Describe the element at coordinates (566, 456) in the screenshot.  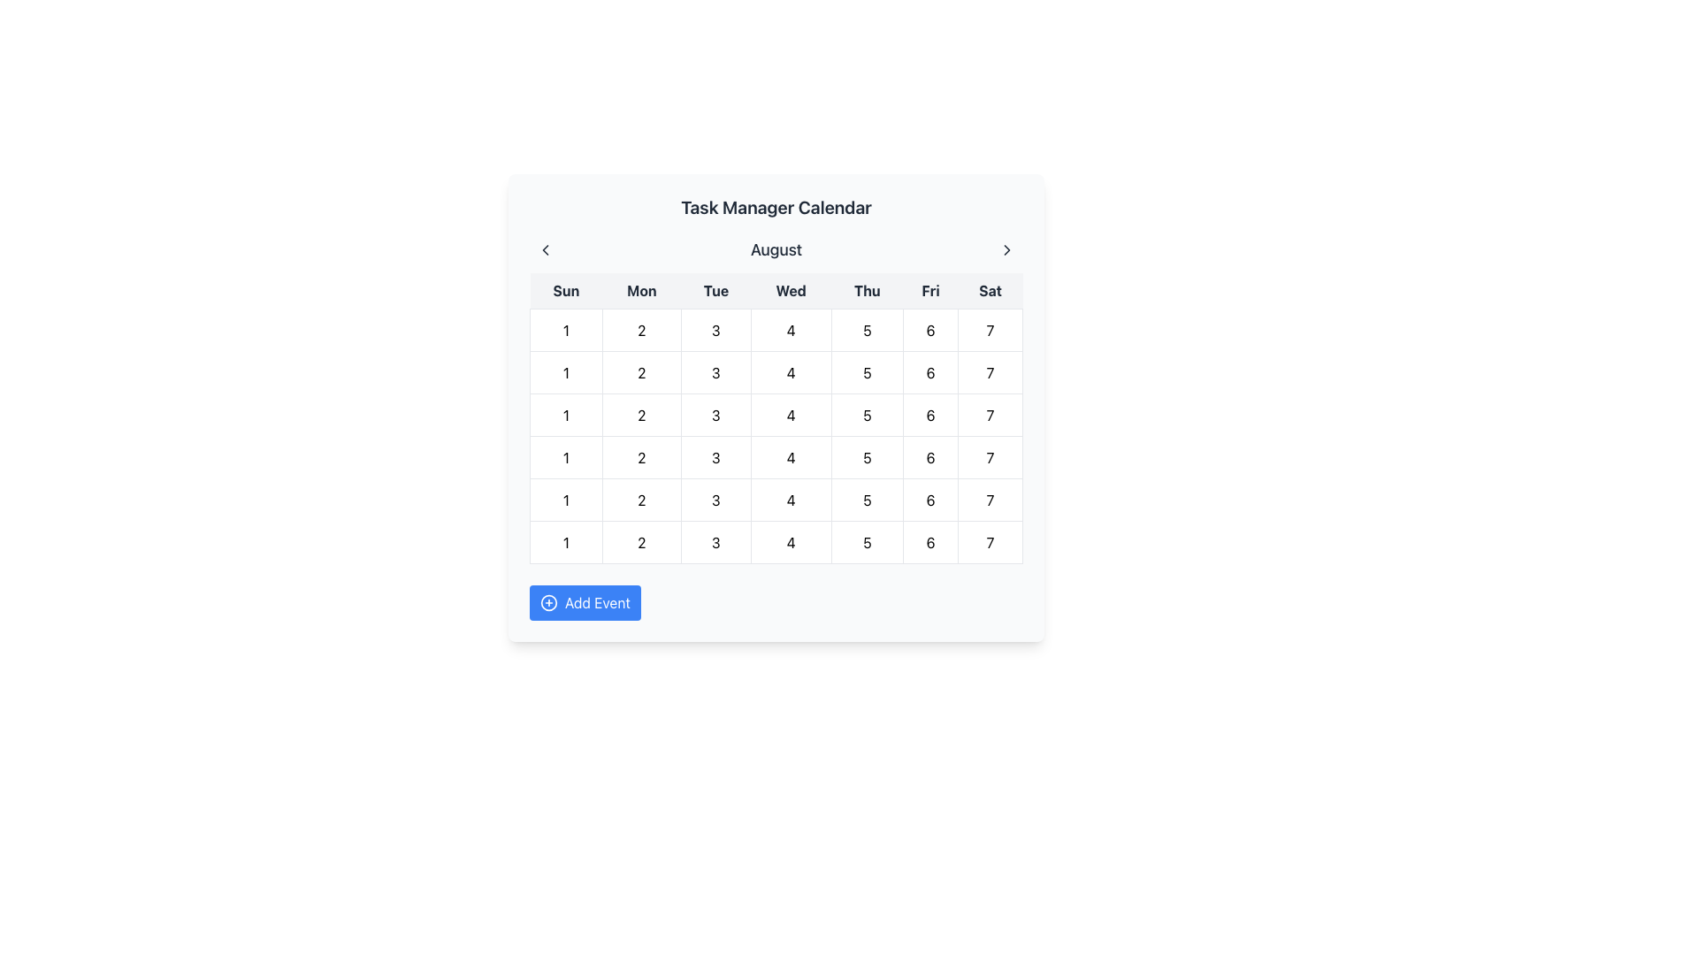
I see `the date text in the grid cell representing Sunday in the second row and first column of the calendar interface for interaction` at that location.